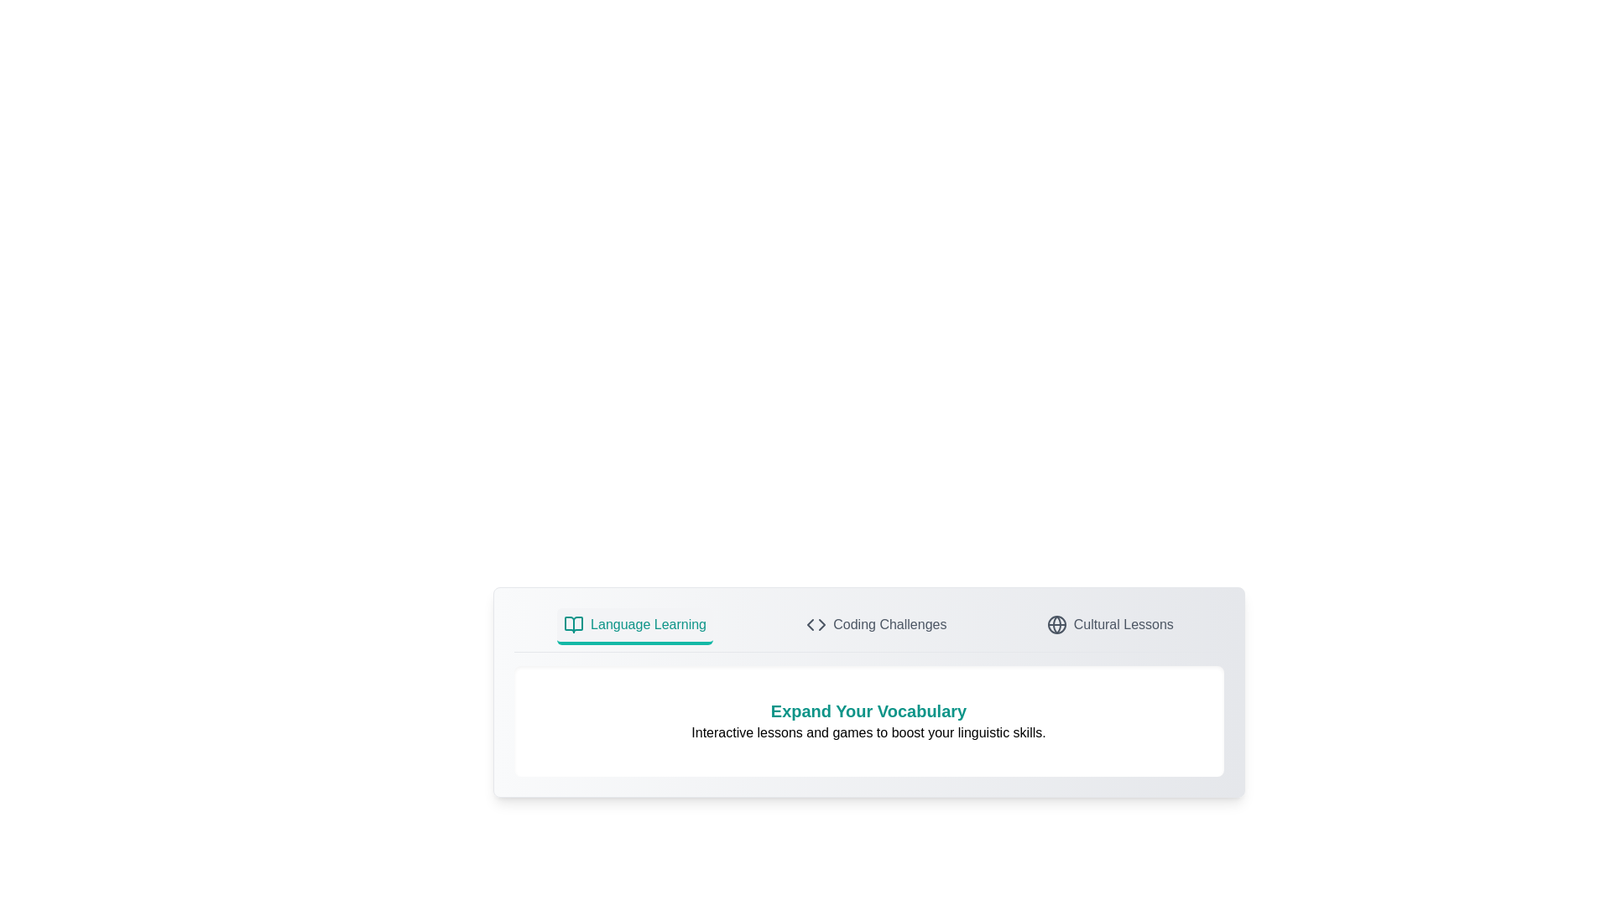 The width and height of the screenshot is (1611, 906). What do you see at coordinates (634, 627) in the screenshot?
I see `the tab labeled 'Language Learning' to preview its label or icon` at bounding box center [634, 627].